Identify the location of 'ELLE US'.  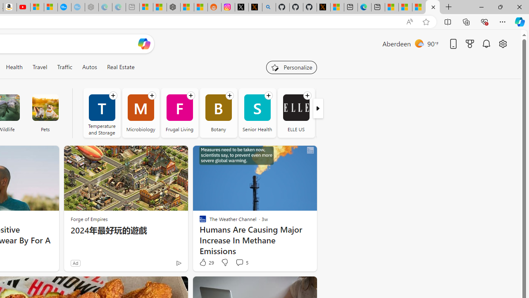
(296, 113).